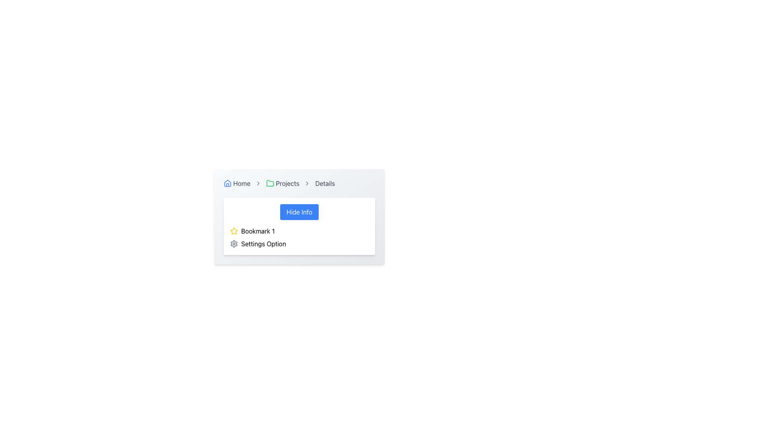 This screenshot has height=429, width=763. What do you see at coordinates (299, 211) in the screenshot?
I see `the rectangular button labeled 'Hide Info.' with a blue background and white text` at bounding box center [299, 211].